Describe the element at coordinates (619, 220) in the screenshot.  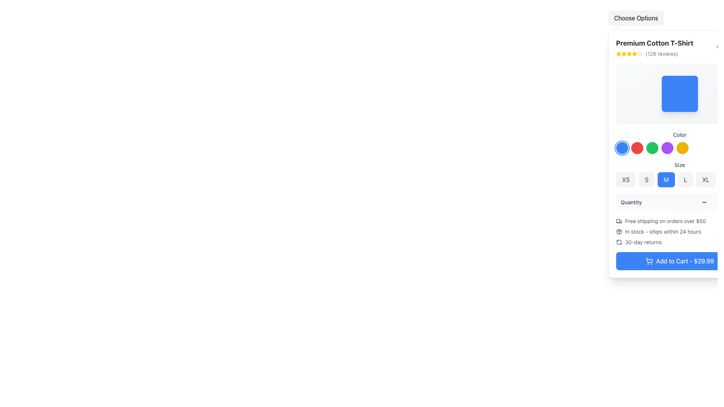
I see `the truck icon that visually signals the 'free shipping' feature, located at the beginning of the text 'Free shipping on orders over $50.'` at that location.